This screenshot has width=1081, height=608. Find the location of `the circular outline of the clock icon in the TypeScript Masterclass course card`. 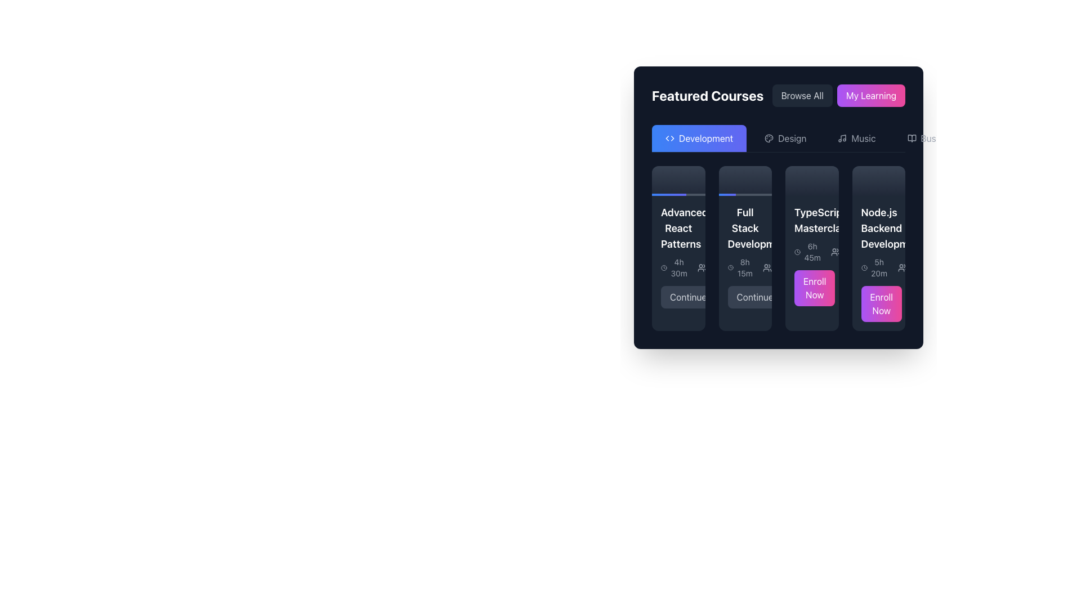

the circular outline of the clock icon in the TypeScript Masterclass course card is located at coordinates (797, 252).